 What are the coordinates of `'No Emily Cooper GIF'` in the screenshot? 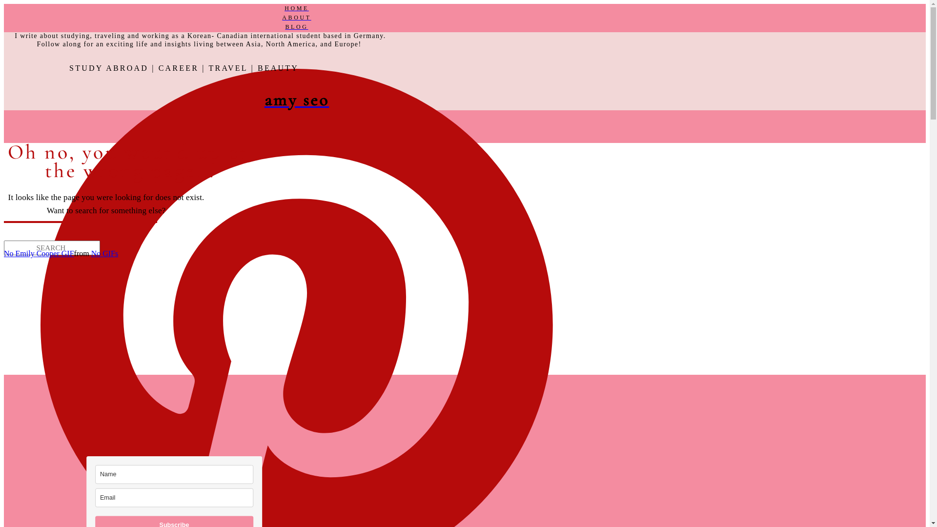 It's located at (39, 253).